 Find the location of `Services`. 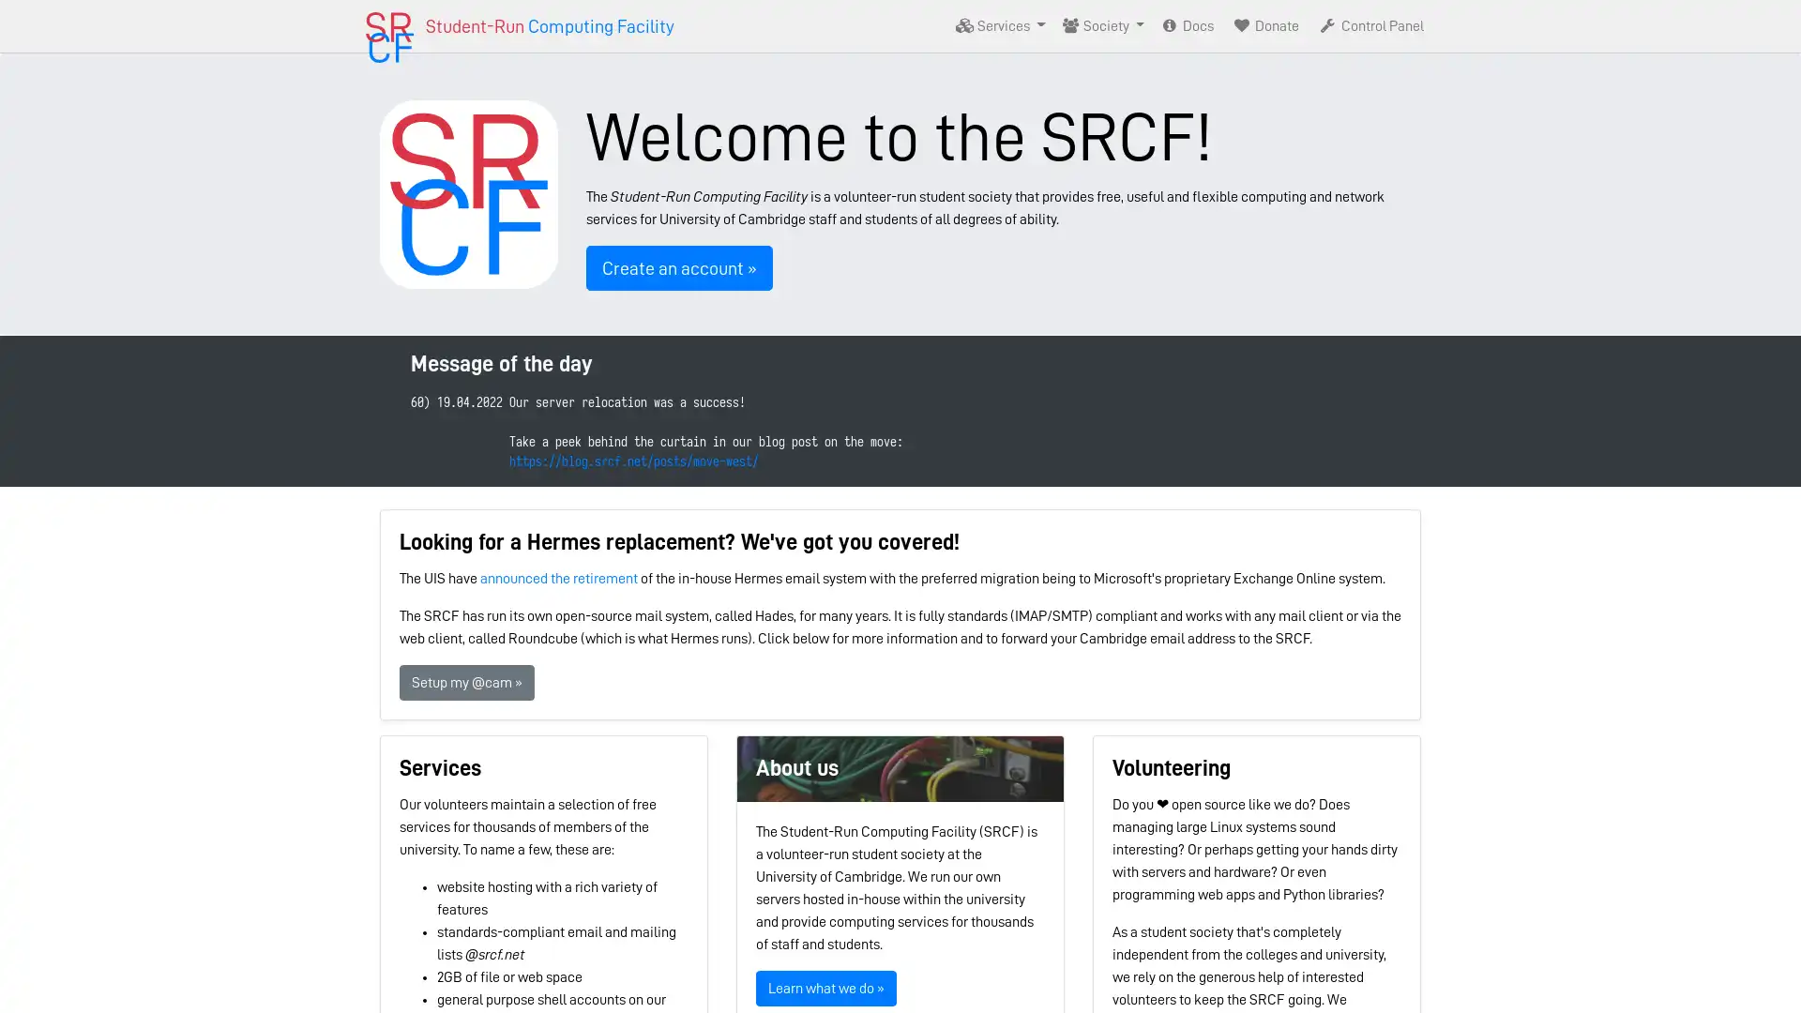

Services is located at coordinates (999, 25).